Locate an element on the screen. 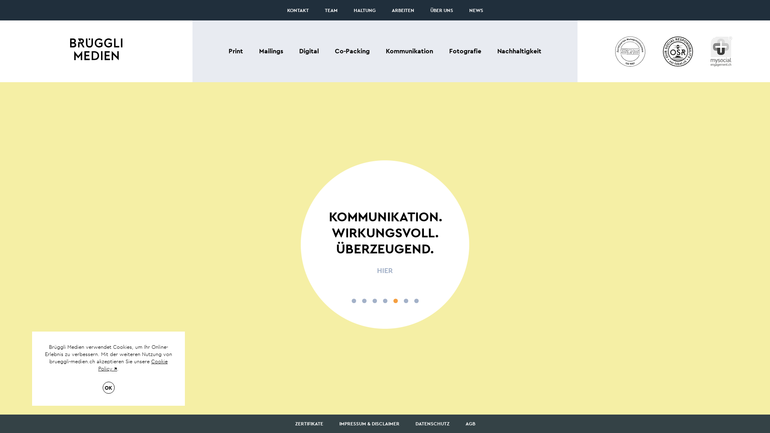 This screenshot has height=433, width=770. 'TEAM' is located at coordinates (331, 10).